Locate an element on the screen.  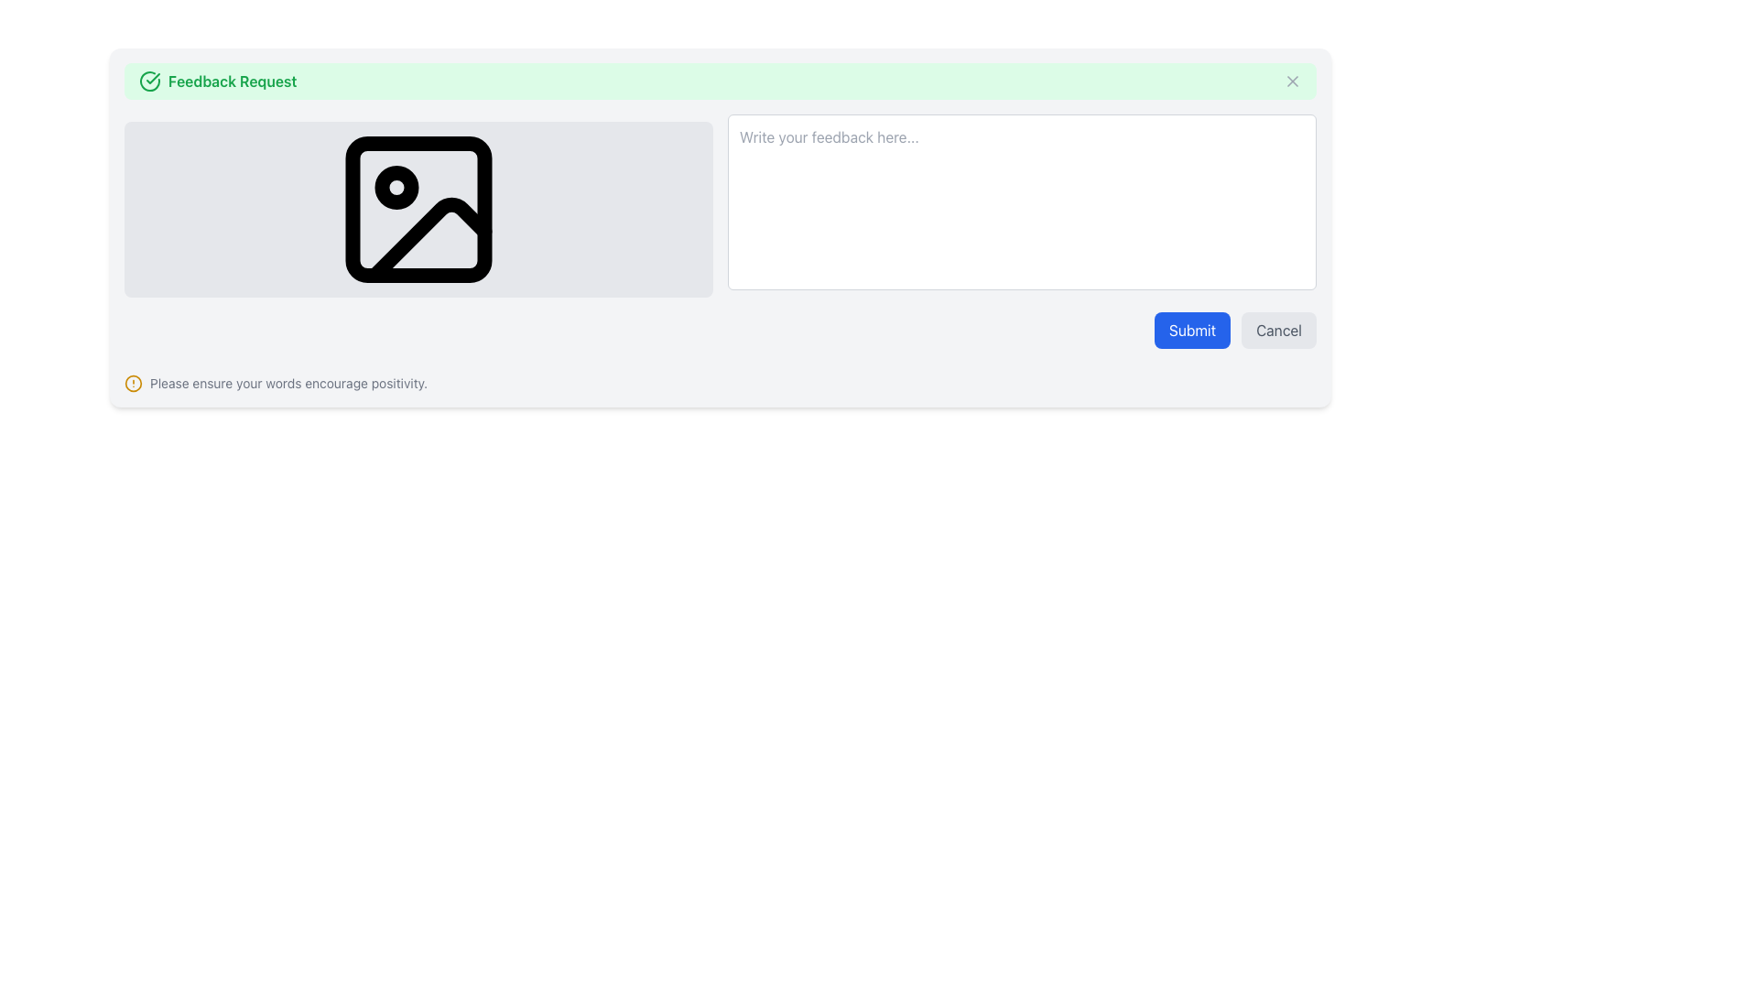
the unique informational text element located at the bottom of the interface, which is aligned horizontally with a yellow warning icon to its left is located at coordinates (288, 383).